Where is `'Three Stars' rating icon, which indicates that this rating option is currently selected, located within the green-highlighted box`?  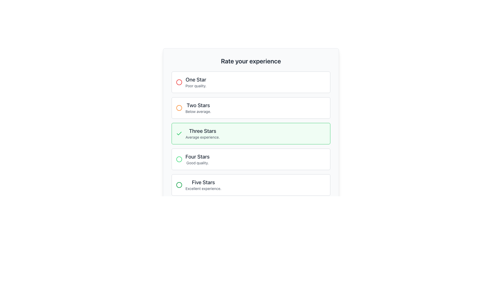 'Three Stars' rating icon, which indicates that this rating option is currently selected, located within the green-highlighted box is located at coordinates (179, 133).